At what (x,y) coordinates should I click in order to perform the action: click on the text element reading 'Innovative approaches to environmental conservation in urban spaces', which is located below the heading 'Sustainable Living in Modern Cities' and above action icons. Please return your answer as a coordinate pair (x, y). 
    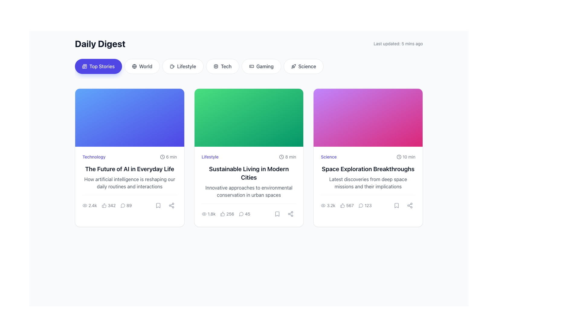
    Looking at the image, I should click on (249, 191).